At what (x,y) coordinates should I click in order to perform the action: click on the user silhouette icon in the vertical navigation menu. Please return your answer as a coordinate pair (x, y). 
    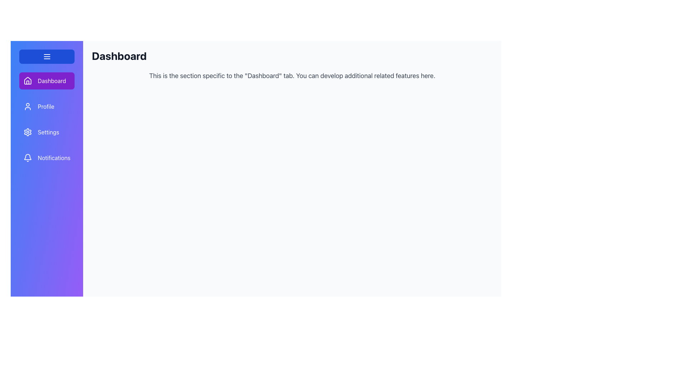
    Looking at the image, I should click on (27, 107).